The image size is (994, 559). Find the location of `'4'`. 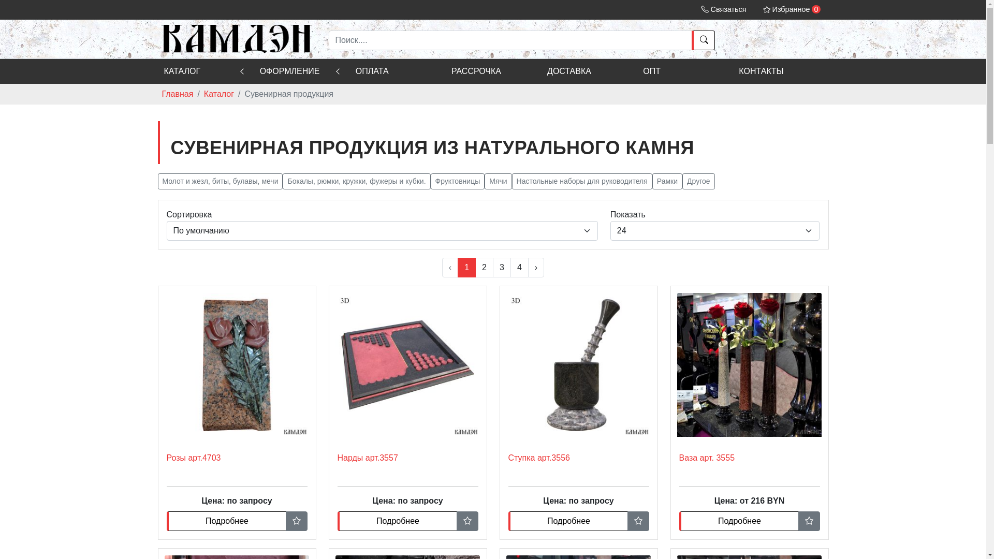

'4' is located at coordinates (519, 267).